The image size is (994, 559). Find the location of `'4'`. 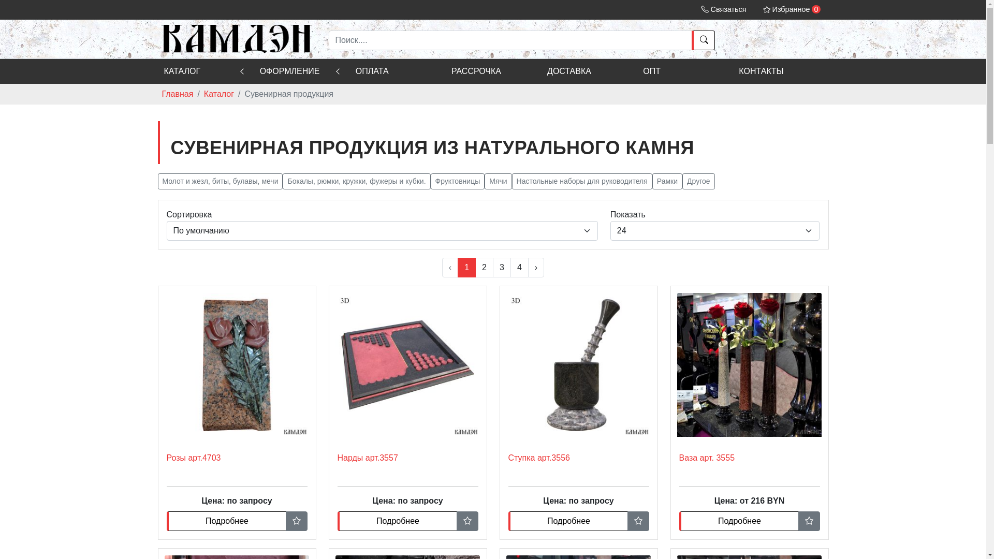

'4' is located at coordinates (519, 267).